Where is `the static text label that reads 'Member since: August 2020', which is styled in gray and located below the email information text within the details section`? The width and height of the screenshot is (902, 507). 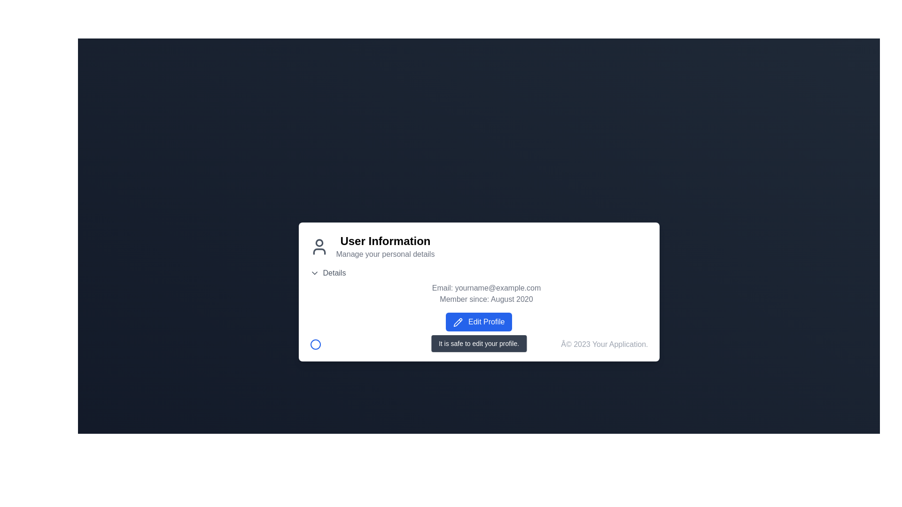
the static text label that reads 'Member since: August 2020', which is styled in gray and located below the email information text within the details section is located at coordinates (486, 299).